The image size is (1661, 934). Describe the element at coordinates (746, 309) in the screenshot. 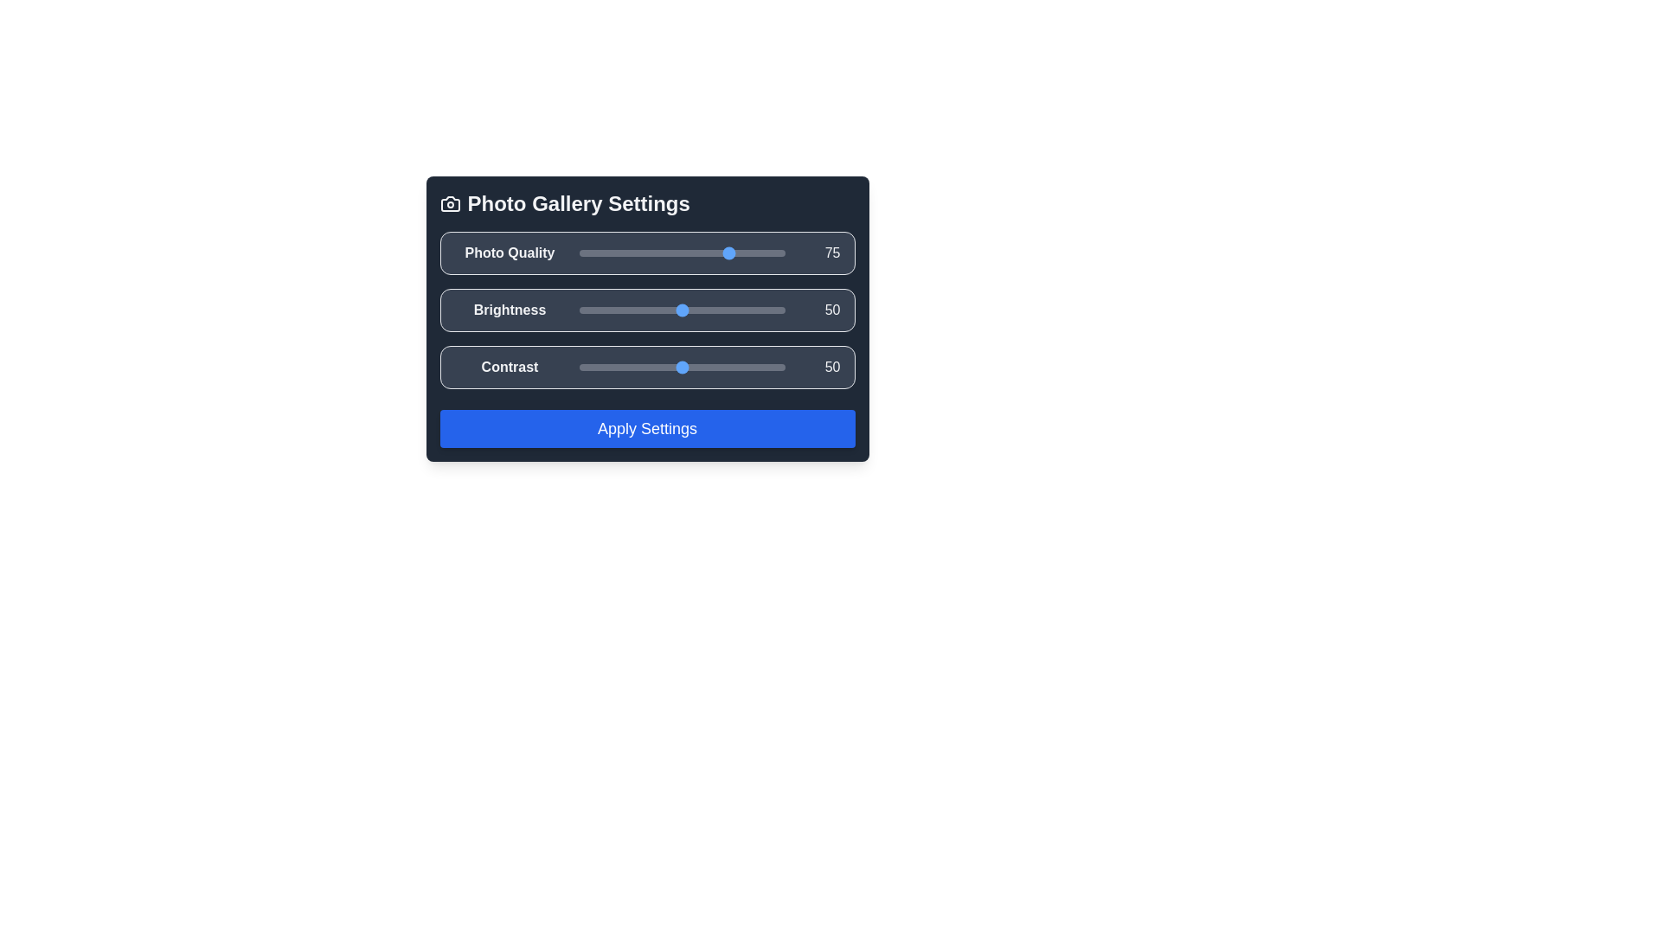

I see `the brightness` at that location.